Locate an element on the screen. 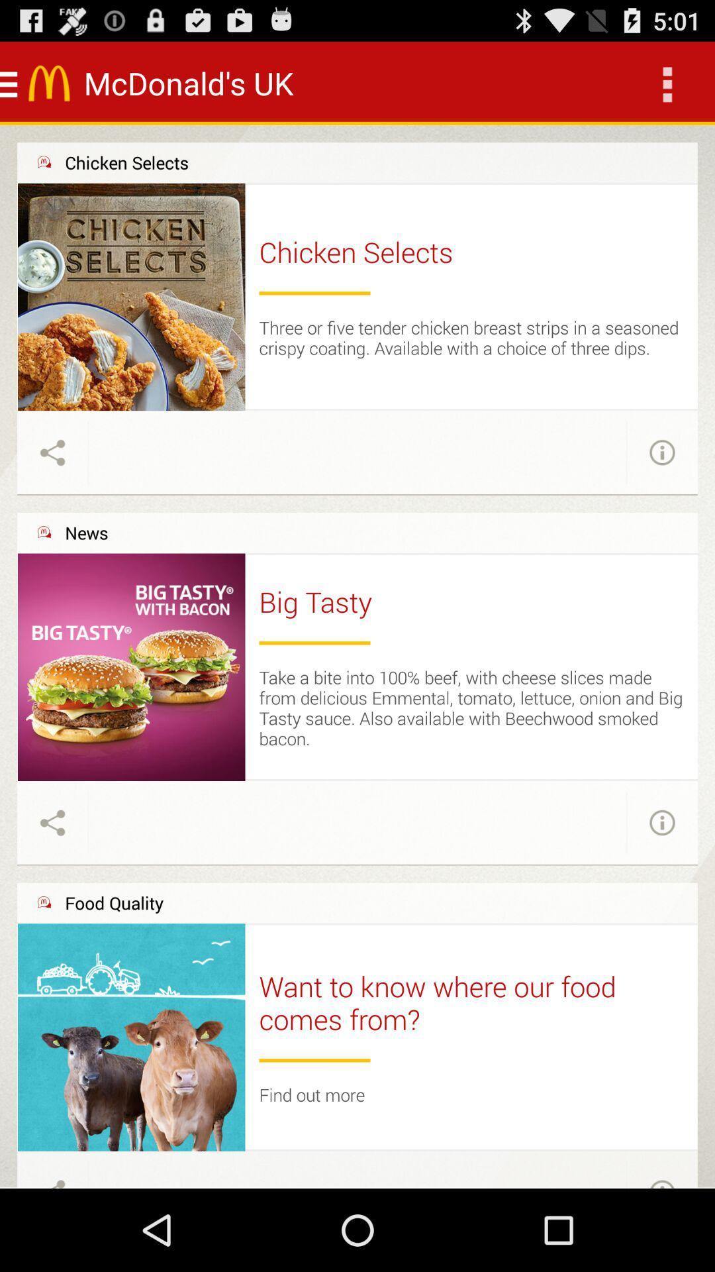 Image resolution: width=715 pixels, height=1272 pixels. the news item is located at coordinates (86, 533).